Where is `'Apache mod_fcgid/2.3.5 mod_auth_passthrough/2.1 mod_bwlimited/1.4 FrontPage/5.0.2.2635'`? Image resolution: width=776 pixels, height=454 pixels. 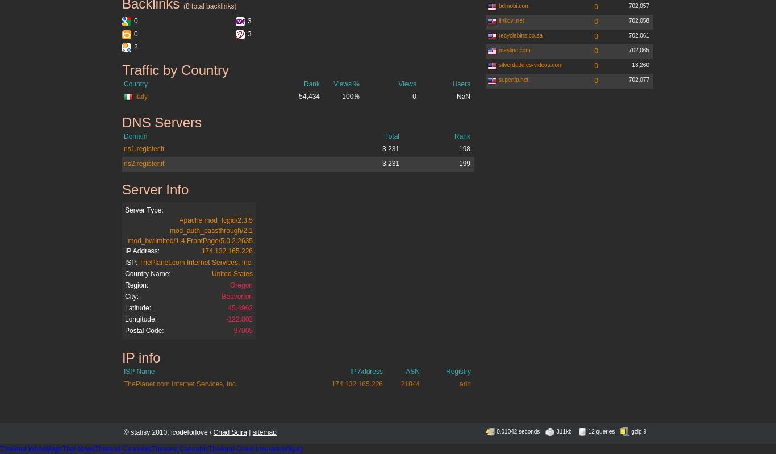
'Apache mod_fcgid/2.3.5 mod_auth_passthrough/2.1 mod_bwlimited/1.4 FrontPage/5.0.2.2635' is located at coordinates (190, 230).